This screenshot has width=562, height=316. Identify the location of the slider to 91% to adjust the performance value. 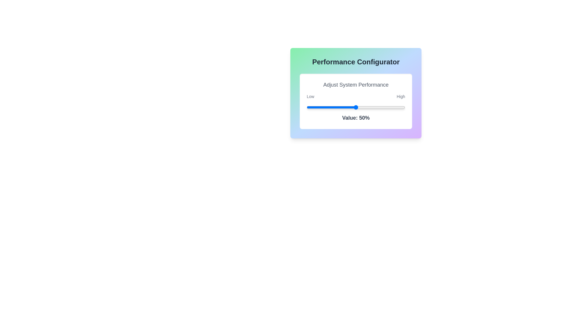
(396, 107).